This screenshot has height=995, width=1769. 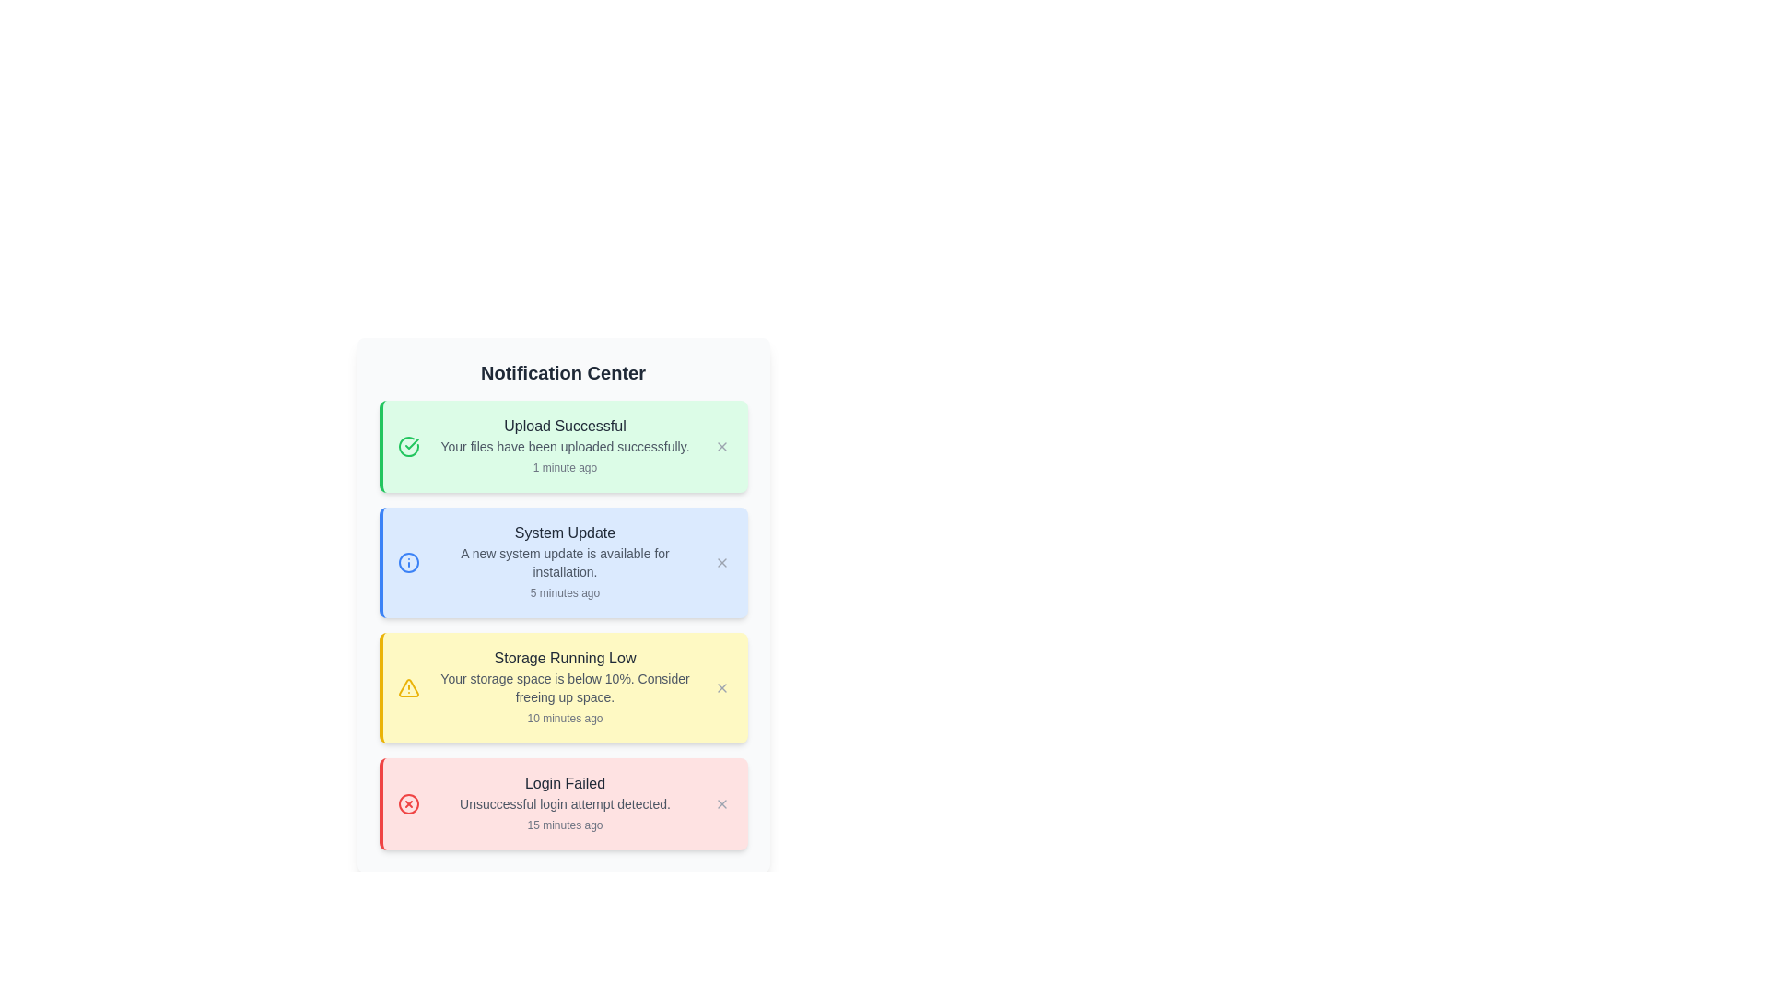 What do you see at coordinates (562, 373) in the screenshot?
I see `the 'Notification Center' text element, which is displayed in bold dark gray at the top of the notification panel` at bounding box center [562, 373].